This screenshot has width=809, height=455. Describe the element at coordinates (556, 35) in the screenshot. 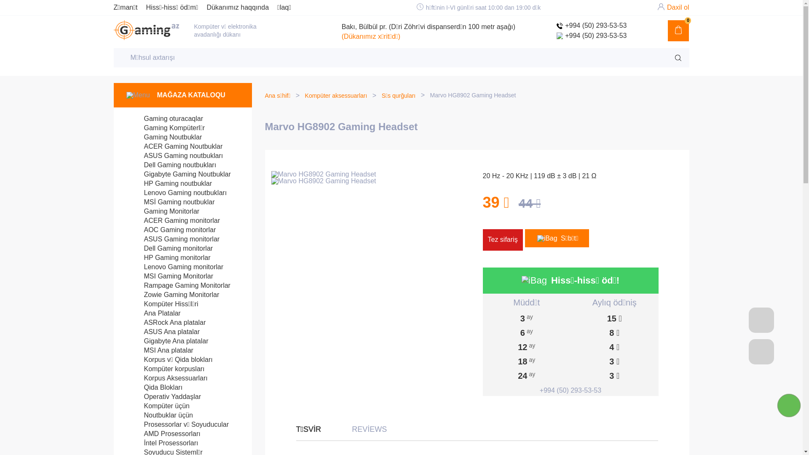

I see `'+994 (50) 293-53-53'` at that location.